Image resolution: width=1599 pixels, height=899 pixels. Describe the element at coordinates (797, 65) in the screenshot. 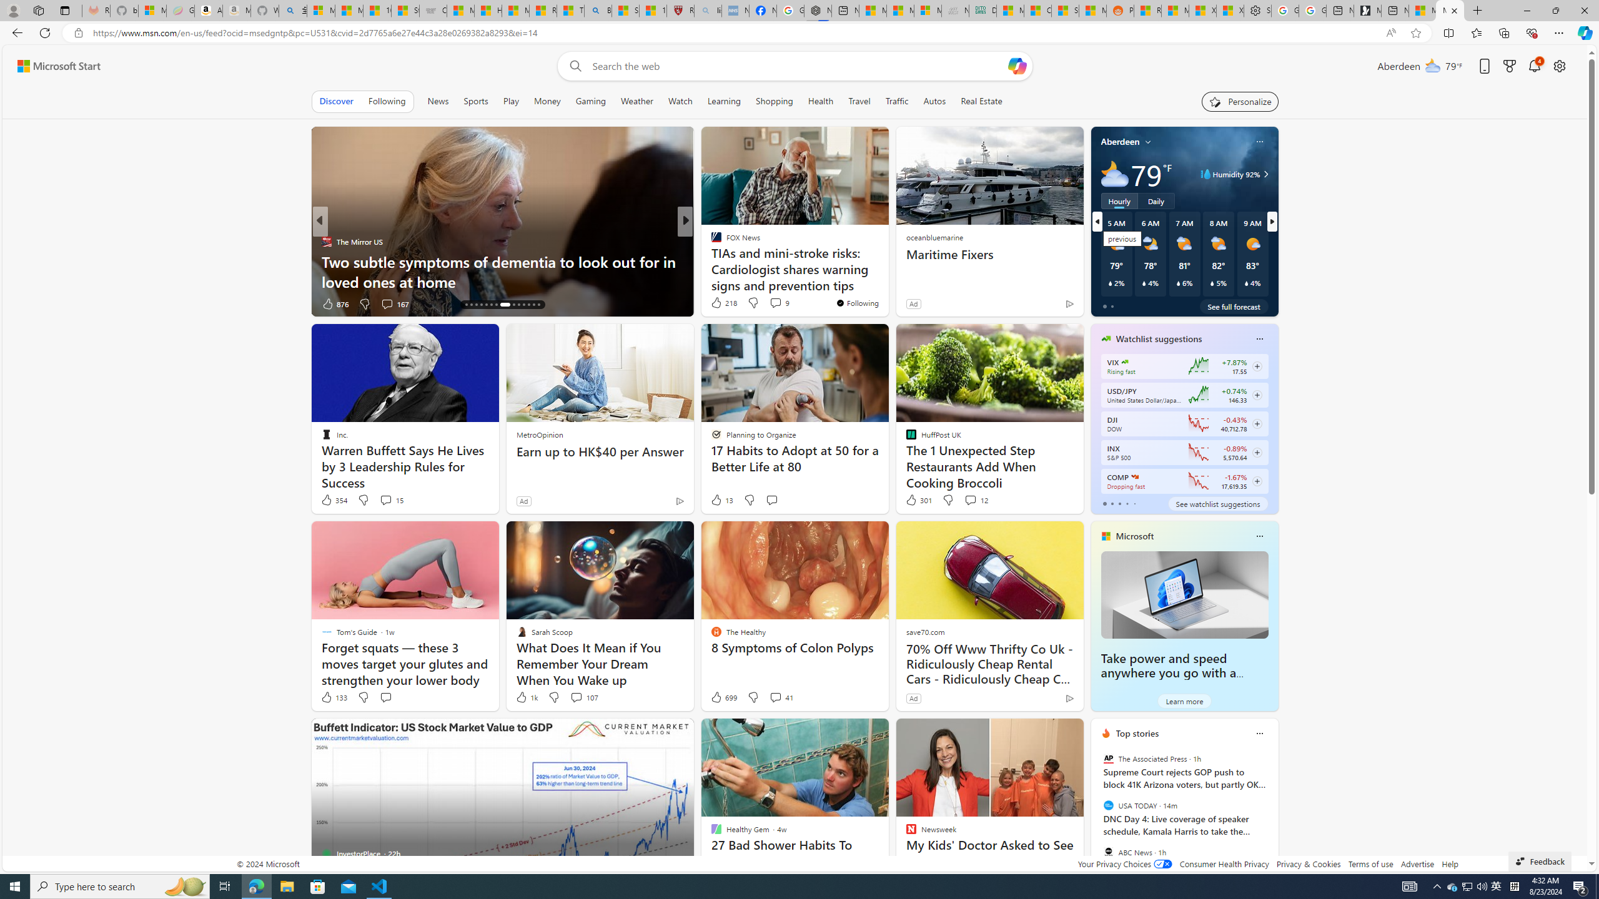

I see `'Enter your search term'` at that location.